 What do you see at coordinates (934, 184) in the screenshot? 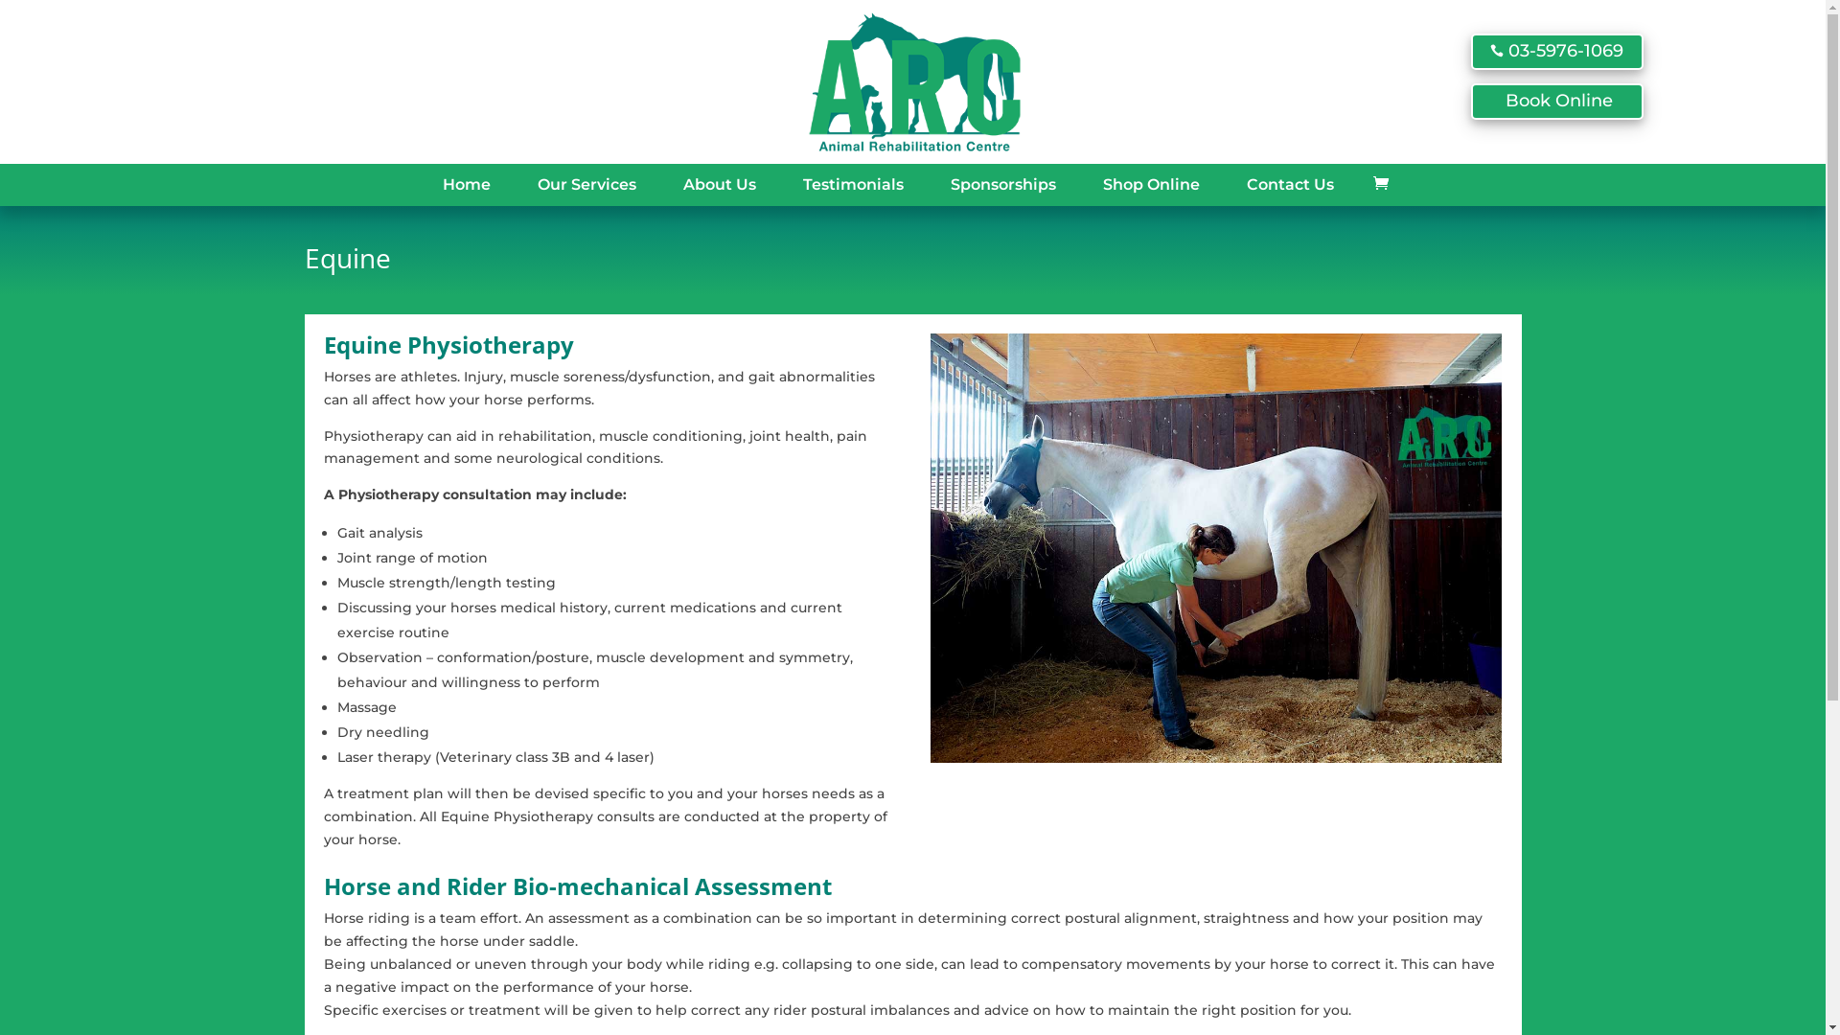
I see `'Sponsorships'` at bounding box center [934, 184].